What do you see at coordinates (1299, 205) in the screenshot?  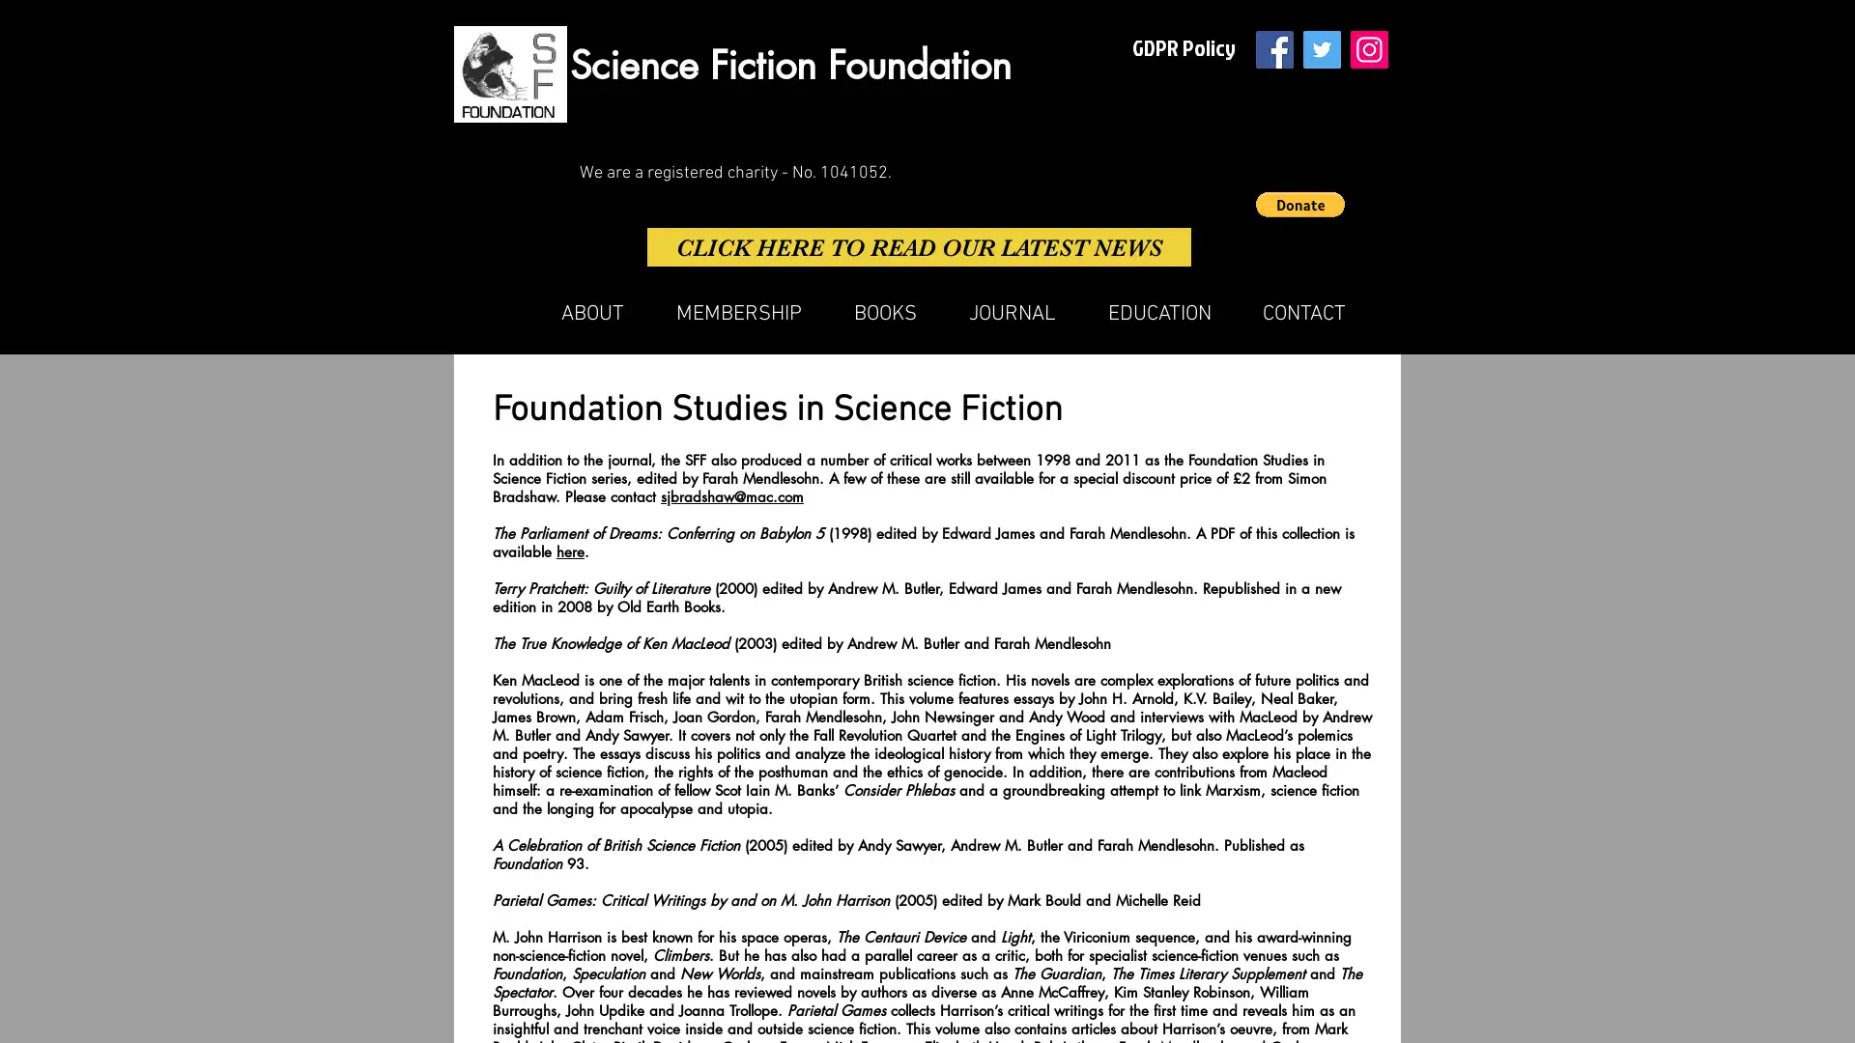 I see `Donate via PayPal` at bounding box center [1299, 205].